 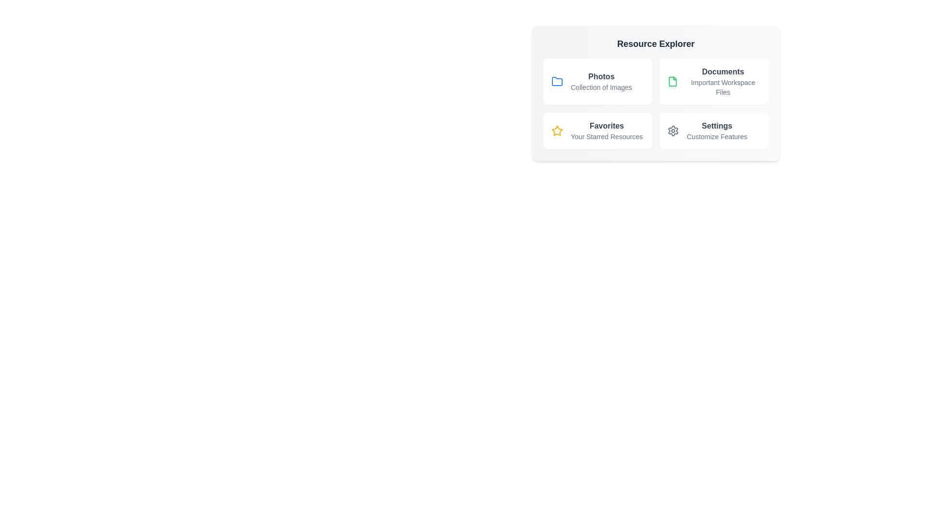 What do you see at coordinates (714, 130) in the screenshot?
I see `the resource item Settings to explore its details` at bounding box center [714, 130].